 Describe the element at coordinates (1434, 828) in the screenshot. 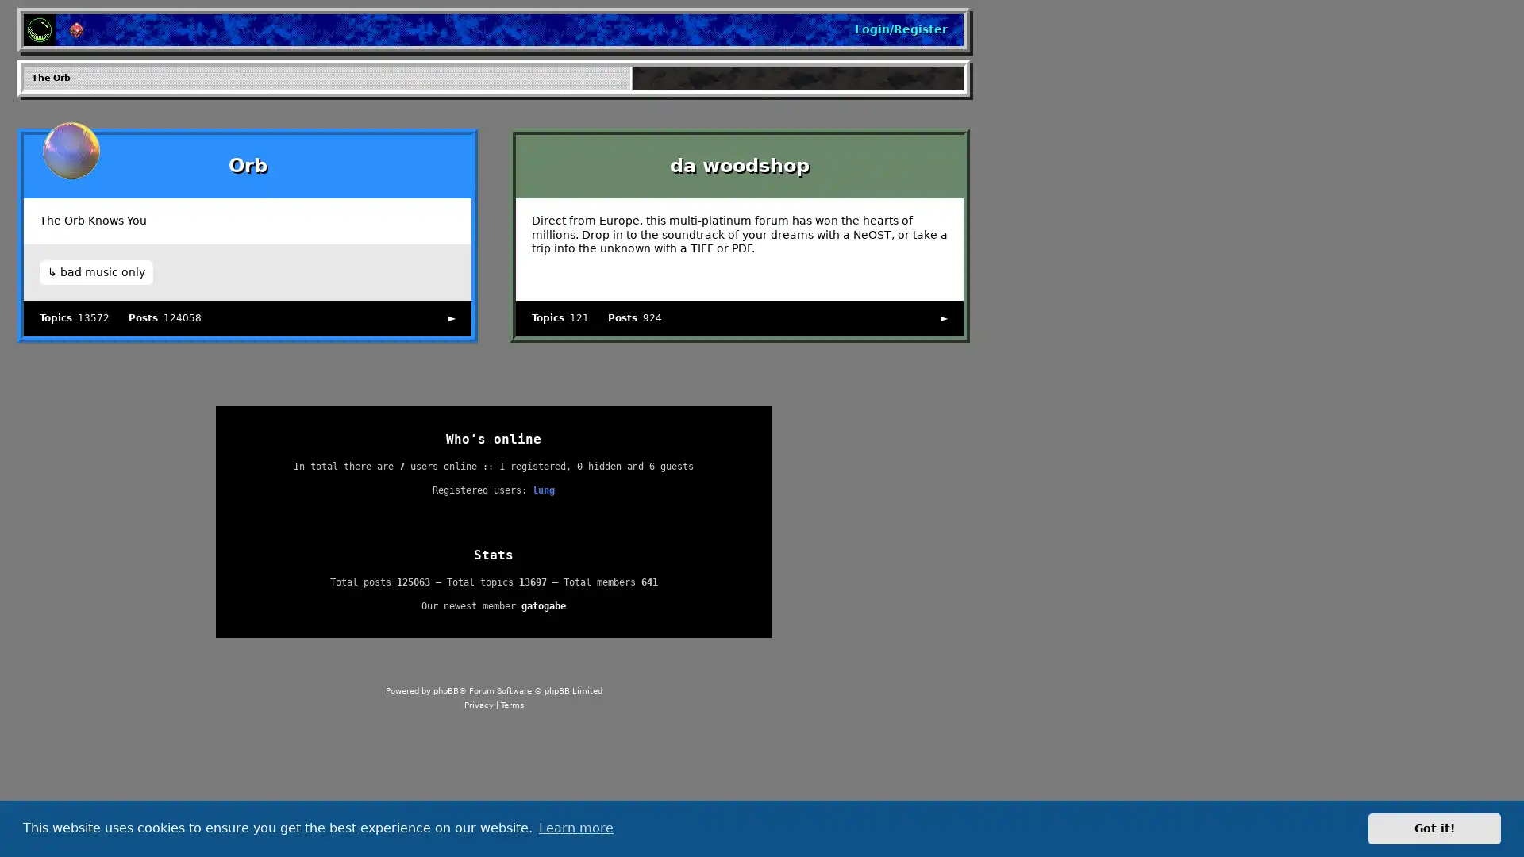

I see `dismiss cookie message` at that location.